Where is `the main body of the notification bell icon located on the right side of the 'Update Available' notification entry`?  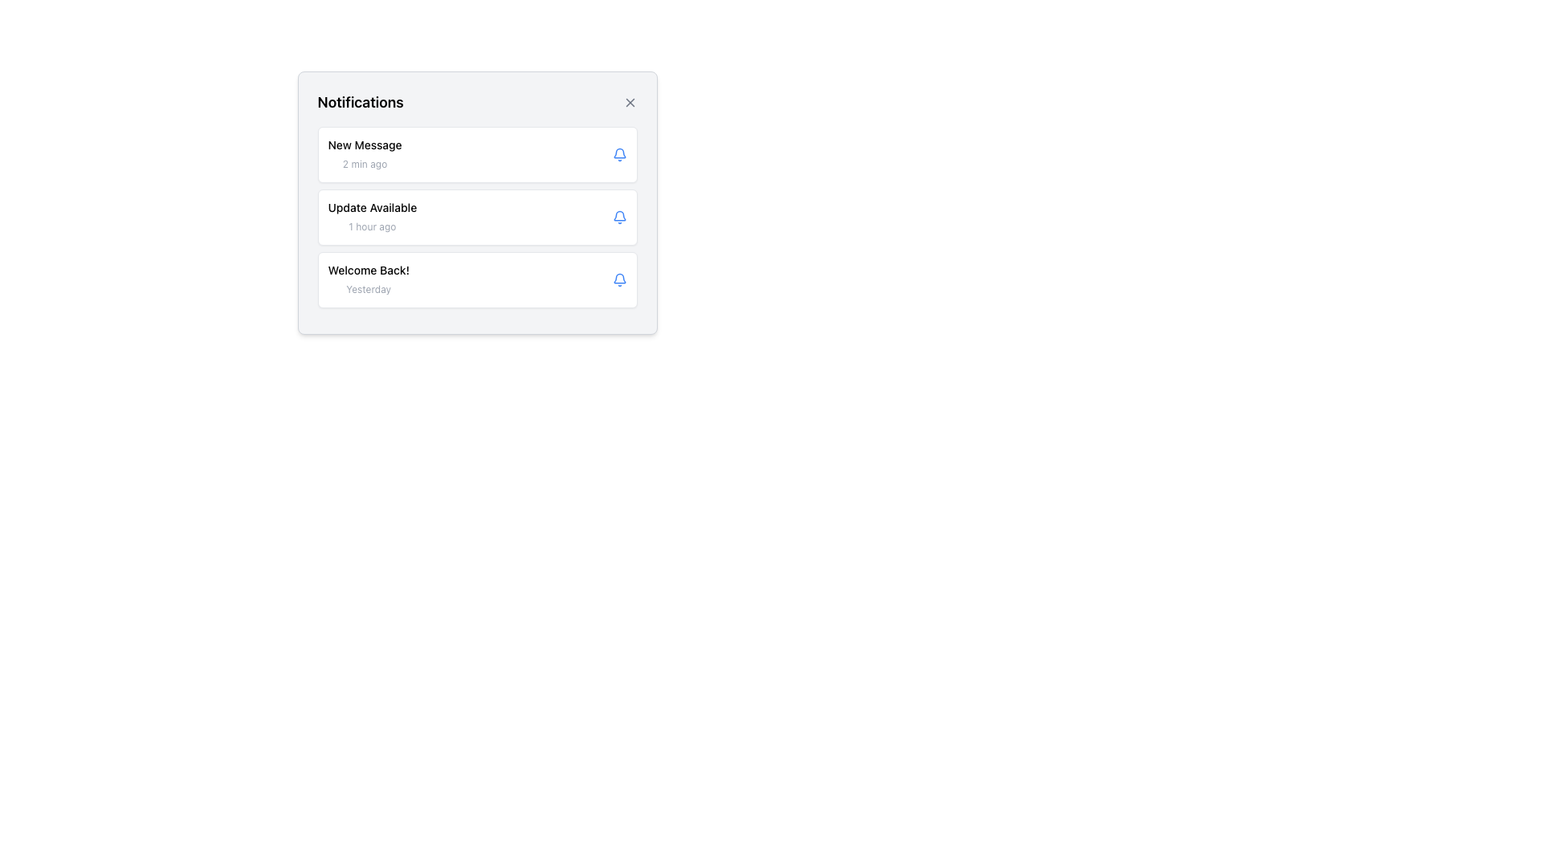 the main body of the notification bell icon located on the right side of the 'Update Available' notification entry is located at coordinates (618, 215).